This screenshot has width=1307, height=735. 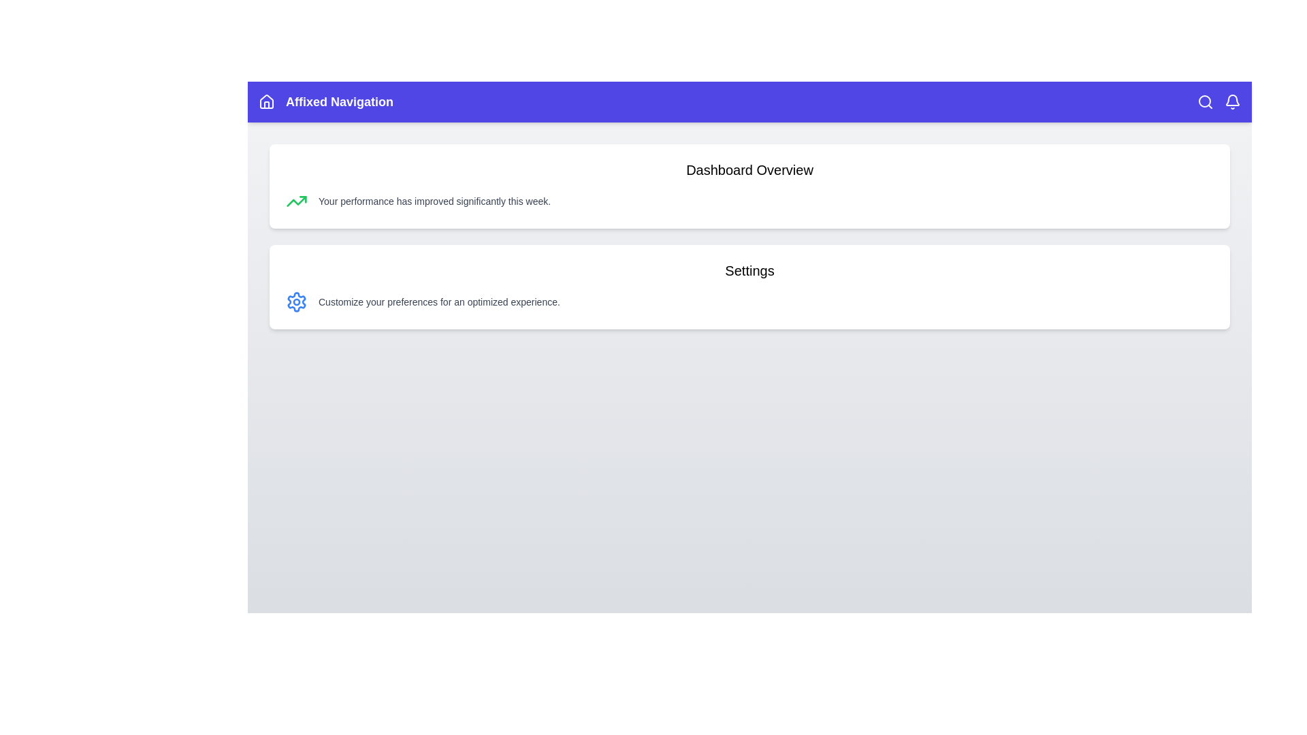 What do you see at coordinates (439, 301) in the screenshot?
I see `information provided by the Text label located to the right of the gear icon in the 'Settings' section, below the 'Dashboard Overview'` at bounding box center [439, 301].